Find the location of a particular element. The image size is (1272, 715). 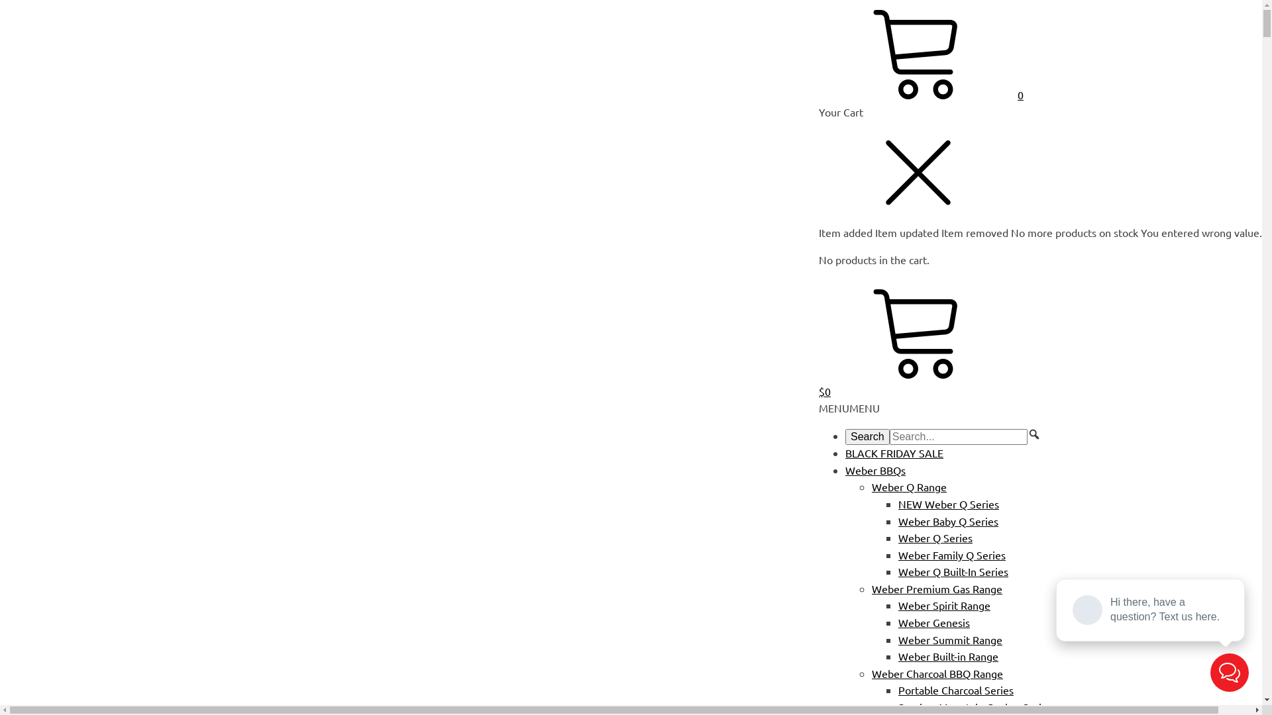

'Portable Charcoal Series' is located at coordinates (956, 689).